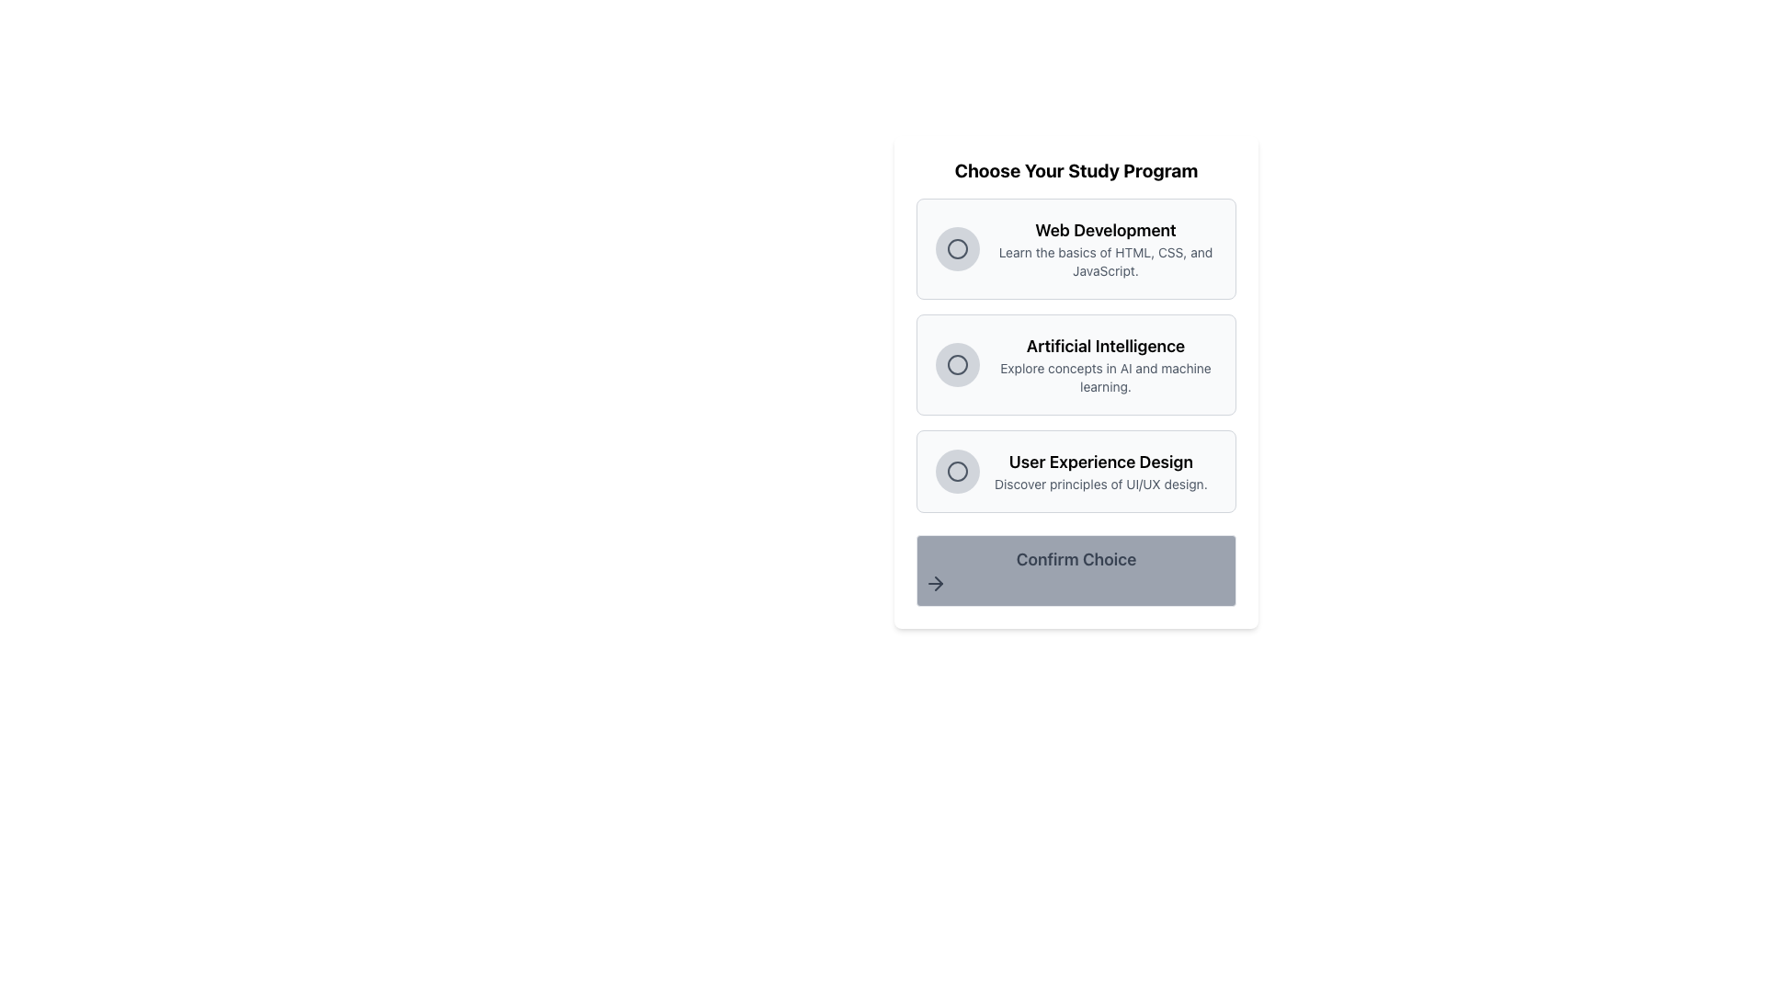 The width and height of the screenshot is (1765, 993). What do you see at coordinates (1076, 355) in the screenshot?
I see `the highlighted option 'Artificial Intelligence' in the list of selectable items for study programs` at bounding box center [1076, 355].